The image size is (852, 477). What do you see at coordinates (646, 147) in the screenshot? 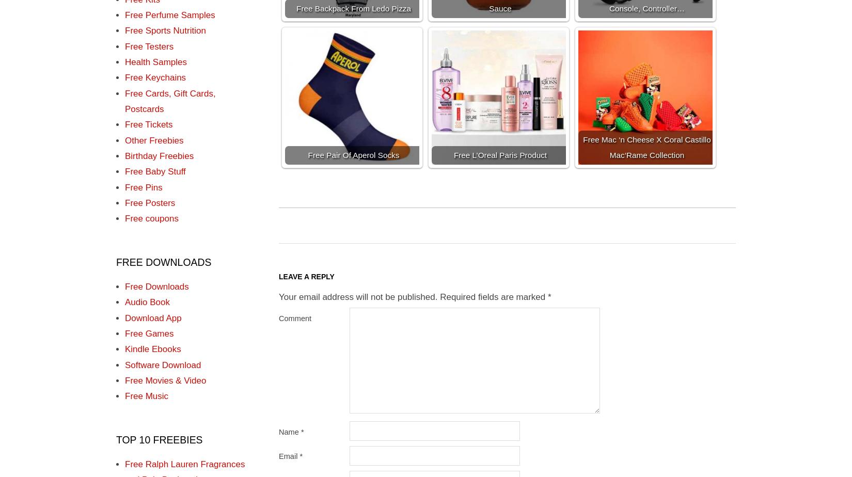
I see `'Free Mac ‘n Cheese X Coral Castillo Mac‘Rame Collection'` at bounding box center [646, 147].